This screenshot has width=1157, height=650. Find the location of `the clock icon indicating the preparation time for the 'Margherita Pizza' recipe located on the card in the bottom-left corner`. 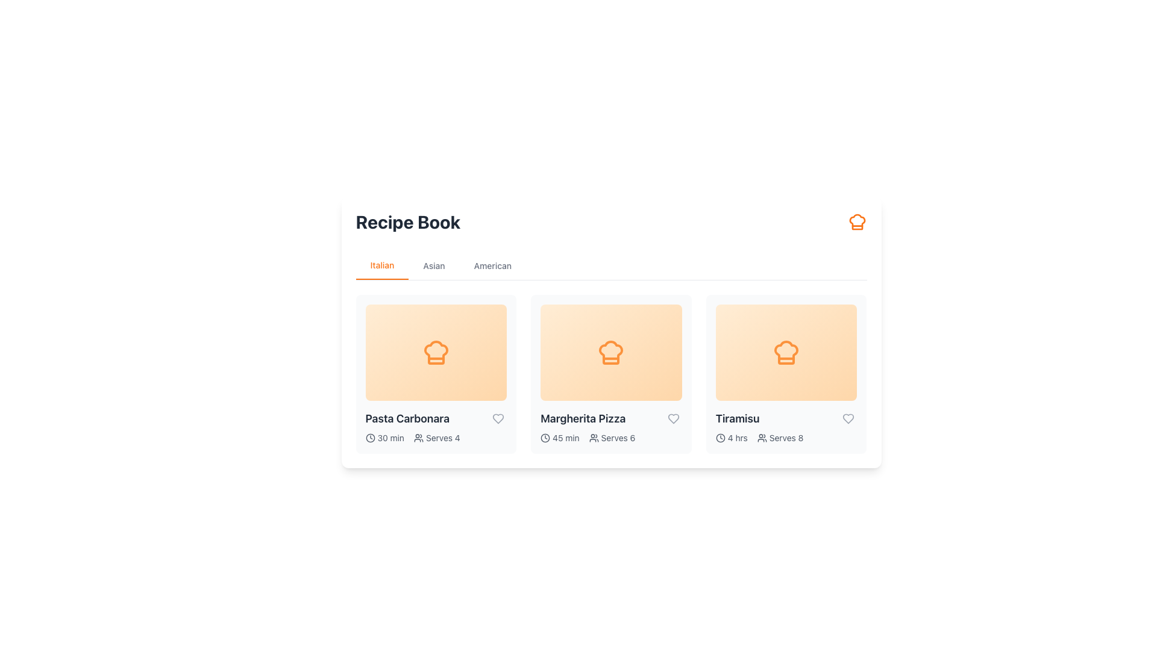

the clock icon indicating the preparation time for the 'Margherita Pizza' recipe located on the card in the bottom-left corner is located at coordinates (545, 438).